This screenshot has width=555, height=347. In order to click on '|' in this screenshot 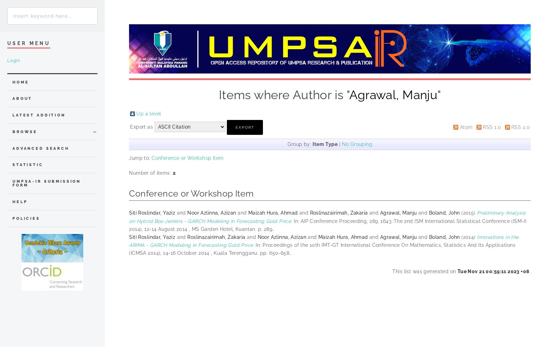, I will do `click(339, 144)`.